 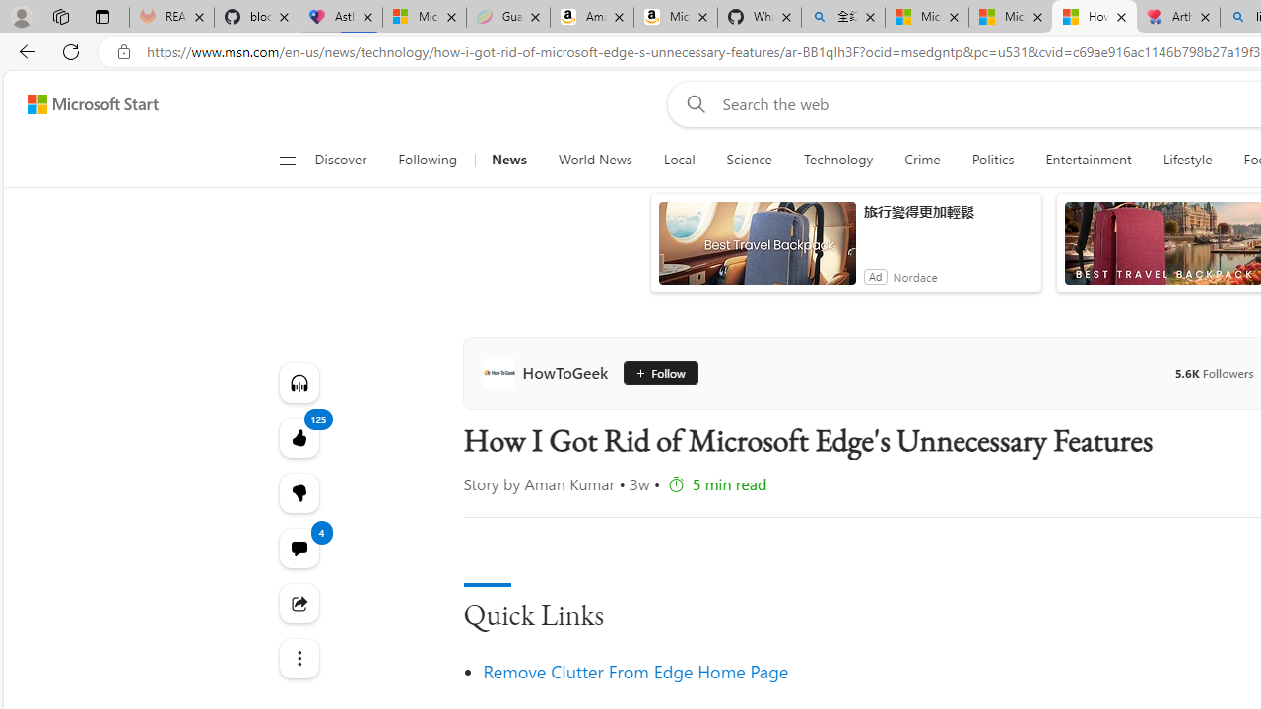 What do you see at coordinates (657, 373) in the screenshot?
I see `'Follow'` at bounding box center [657, 373].